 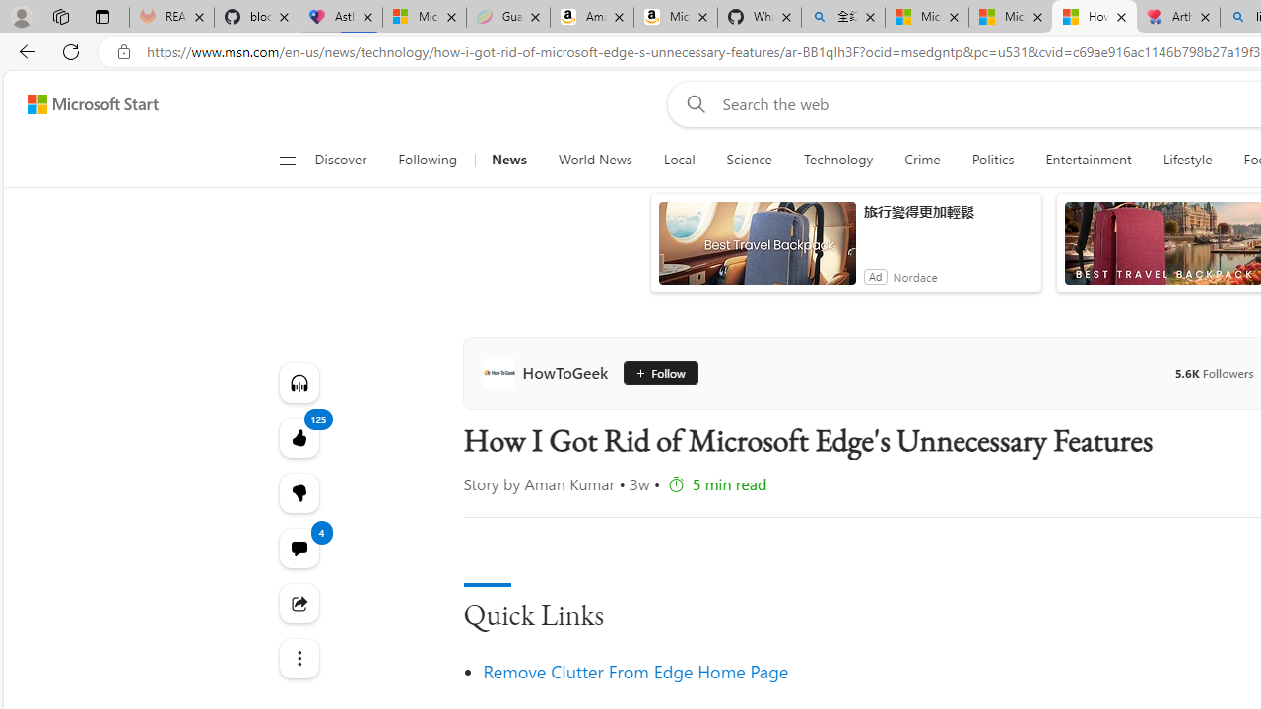 What do you see at coordinates (657, 373) in the screenshot?
I see `'Follow'` at bounding box center [657, 373].